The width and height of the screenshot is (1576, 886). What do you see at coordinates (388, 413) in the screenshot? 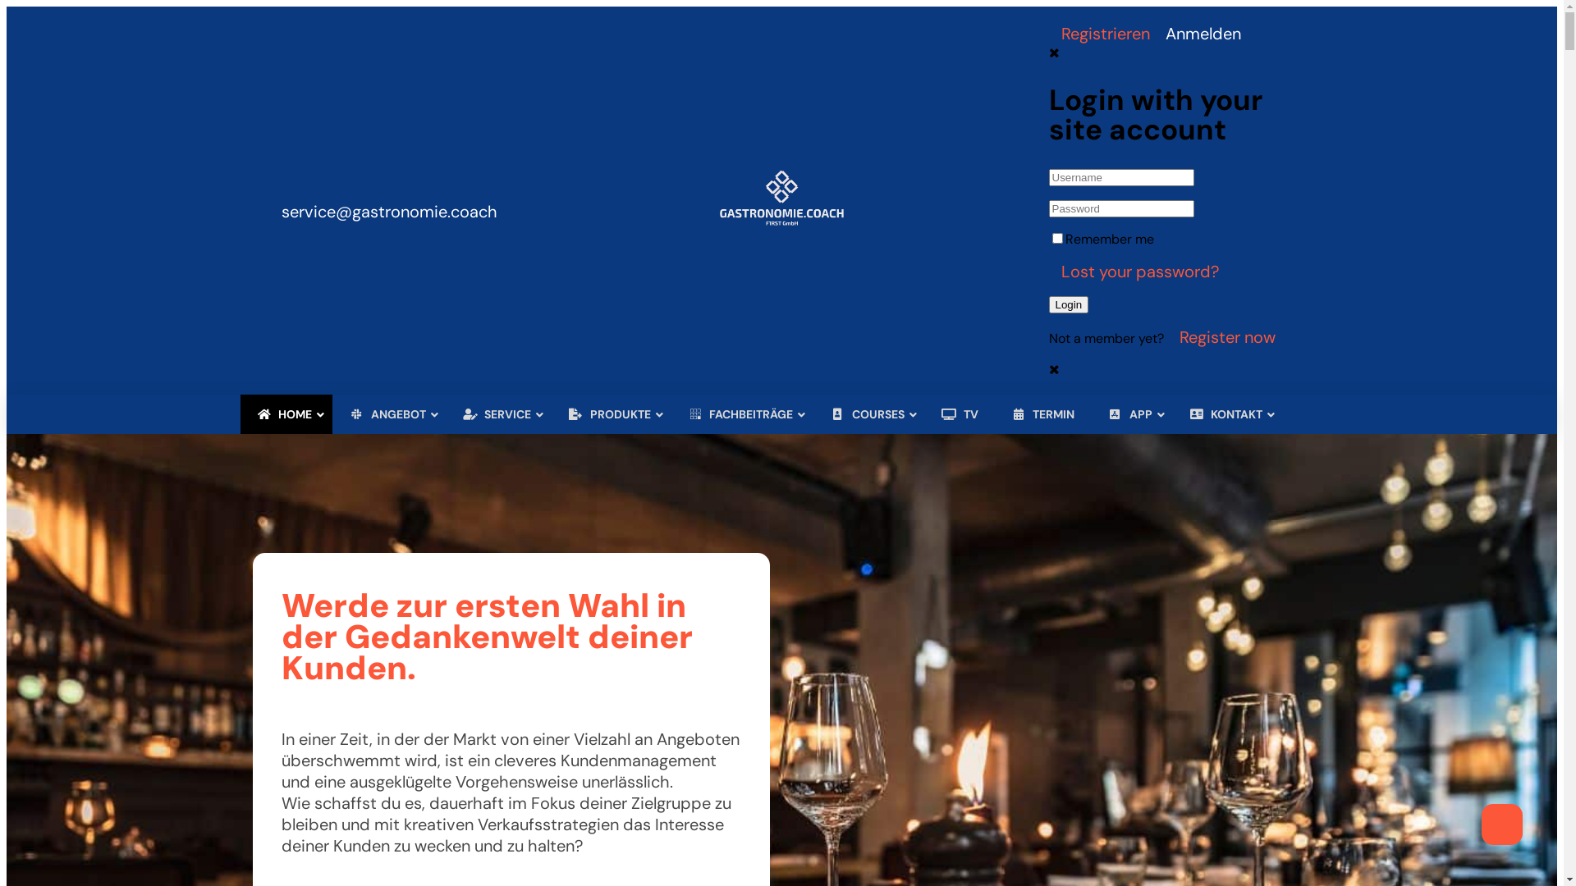
I see `'ANGEBOT'` at bounding box center [388, 413].